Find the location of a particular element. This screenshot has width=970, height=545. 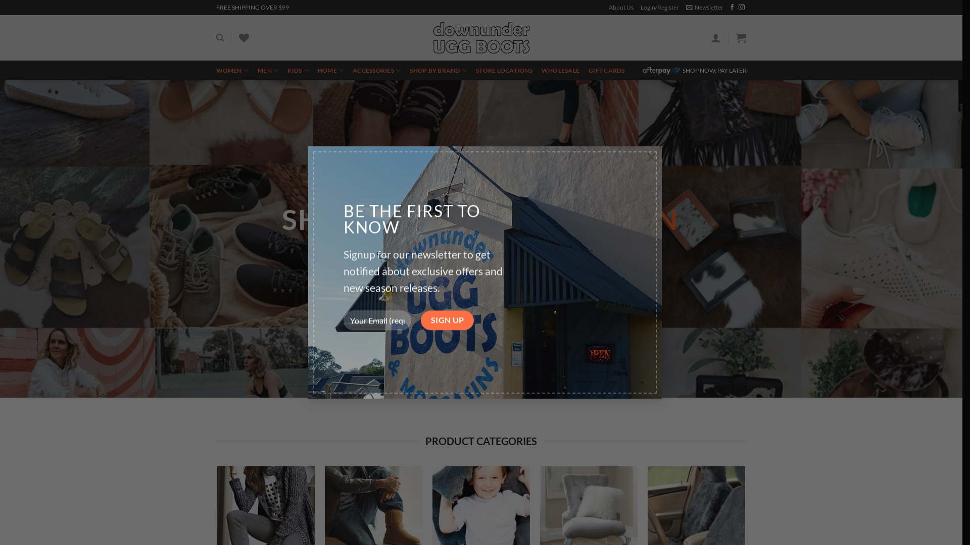

'Newsletter' is located at coordinates (704, 8).